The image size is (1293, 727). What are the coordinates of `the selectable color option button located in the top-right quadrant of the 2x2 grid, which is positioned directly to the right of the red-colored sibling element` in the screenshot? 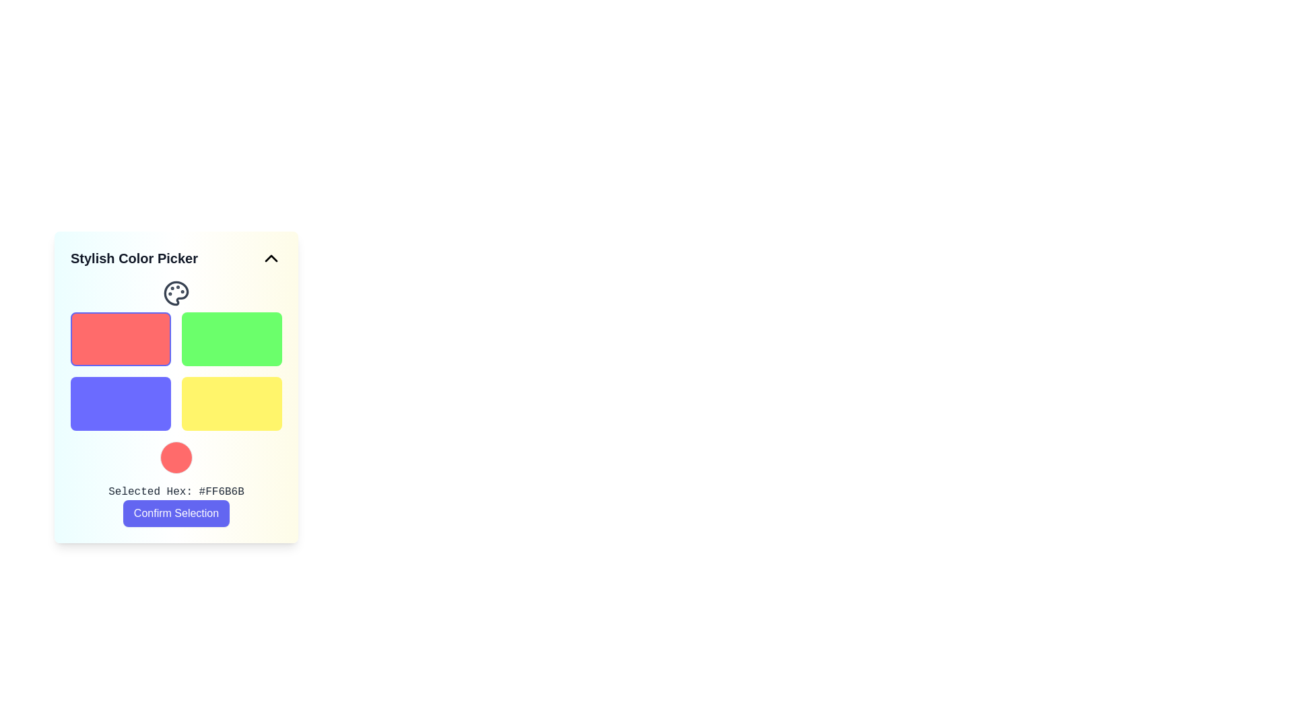 It's located at (232, 339).